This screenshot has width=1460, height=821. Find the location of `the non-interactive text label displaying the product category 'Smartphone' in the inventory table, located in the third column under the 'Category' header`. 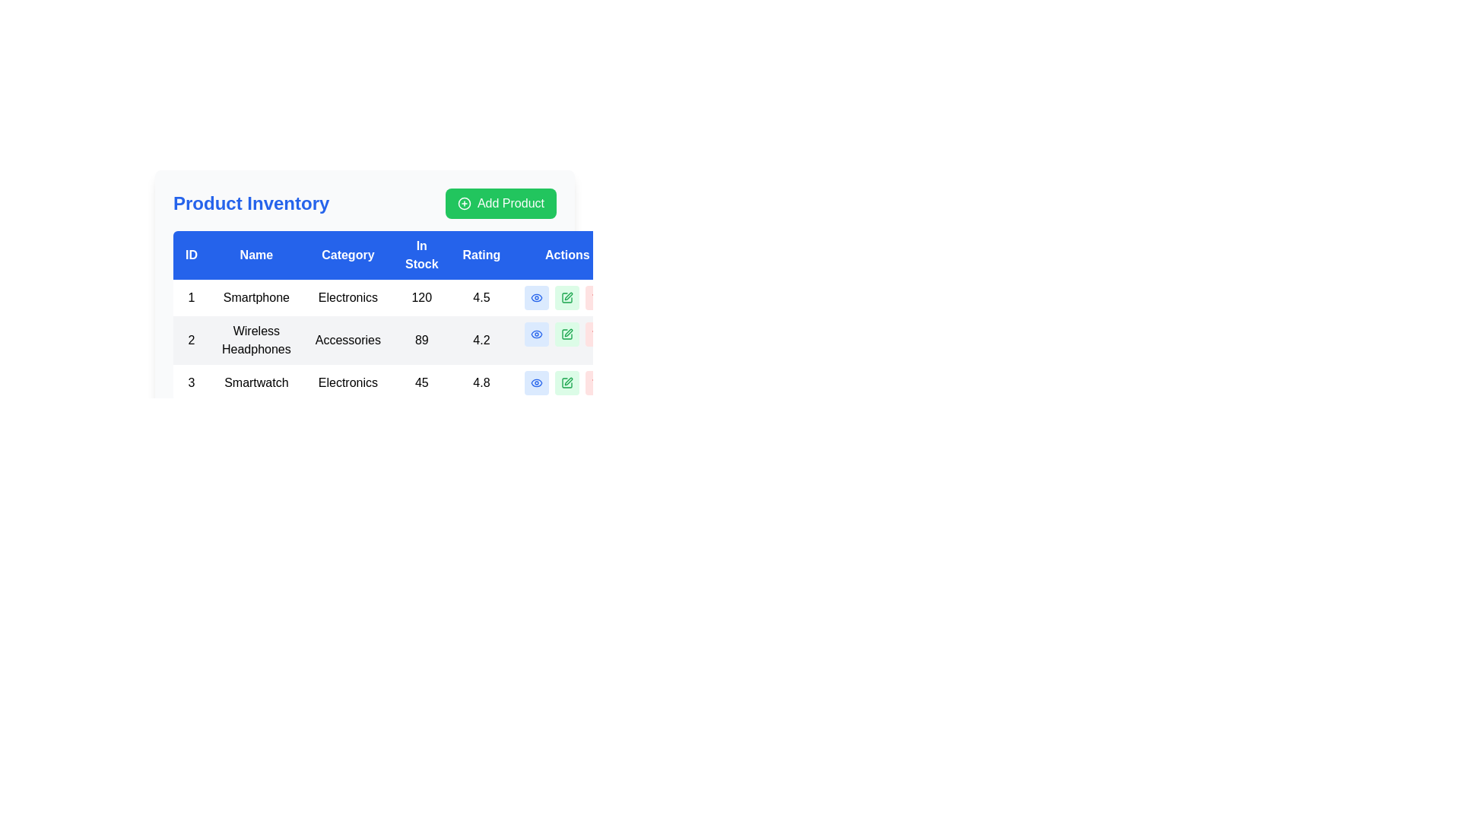

the non-interactive text label displaying the product category 'Smartphone' in the inventory table, located in the third column under the 'Category' header is located at coordinates (347, 298).